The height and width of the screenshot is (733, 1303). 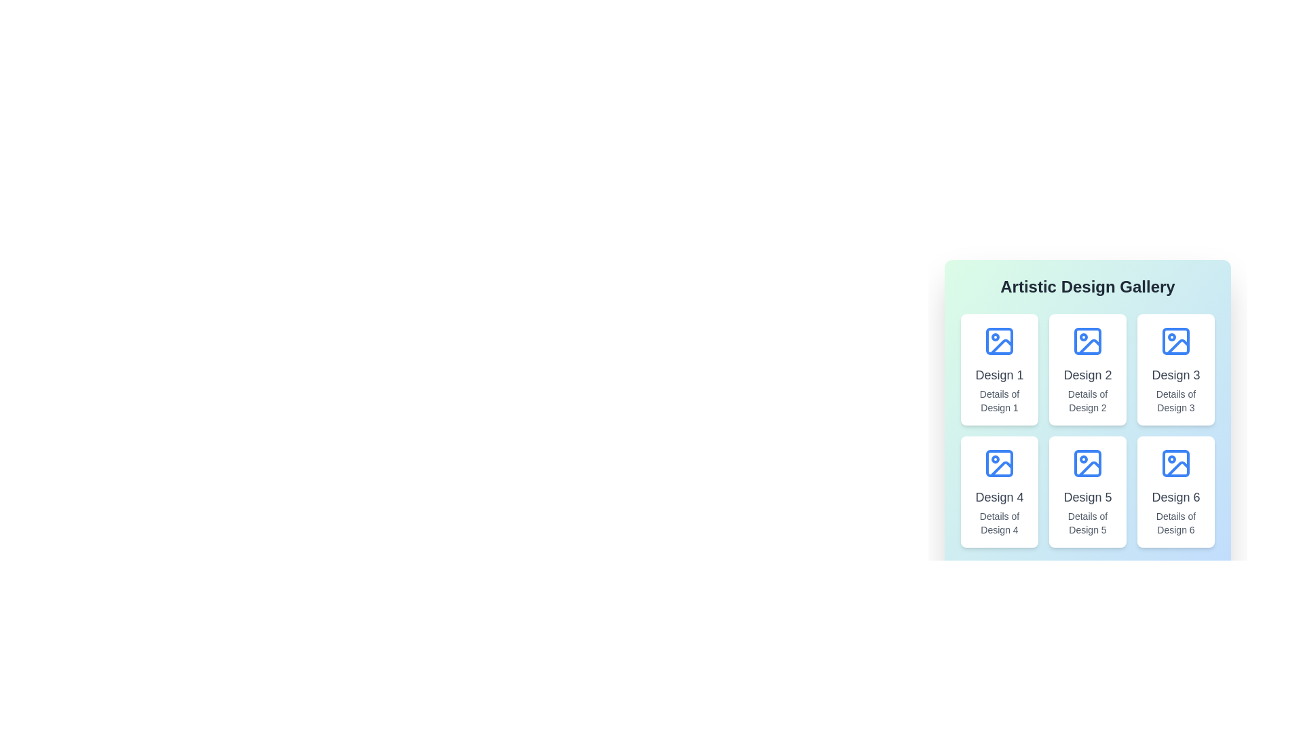 I want to click on the card labeled 'Design 5', so click(x=1088, y=492).